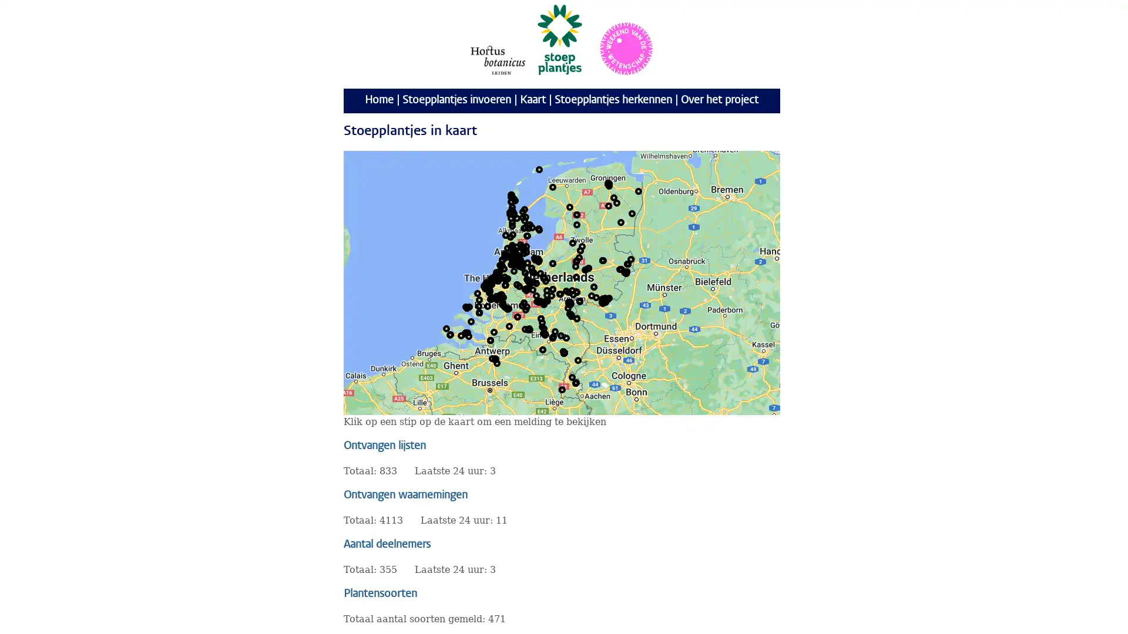  What do you see at coordinates (619, 269) in the screenshot?
I see `Telling van Jose op 13 oktober 2021` at bounding box center [619, 269].